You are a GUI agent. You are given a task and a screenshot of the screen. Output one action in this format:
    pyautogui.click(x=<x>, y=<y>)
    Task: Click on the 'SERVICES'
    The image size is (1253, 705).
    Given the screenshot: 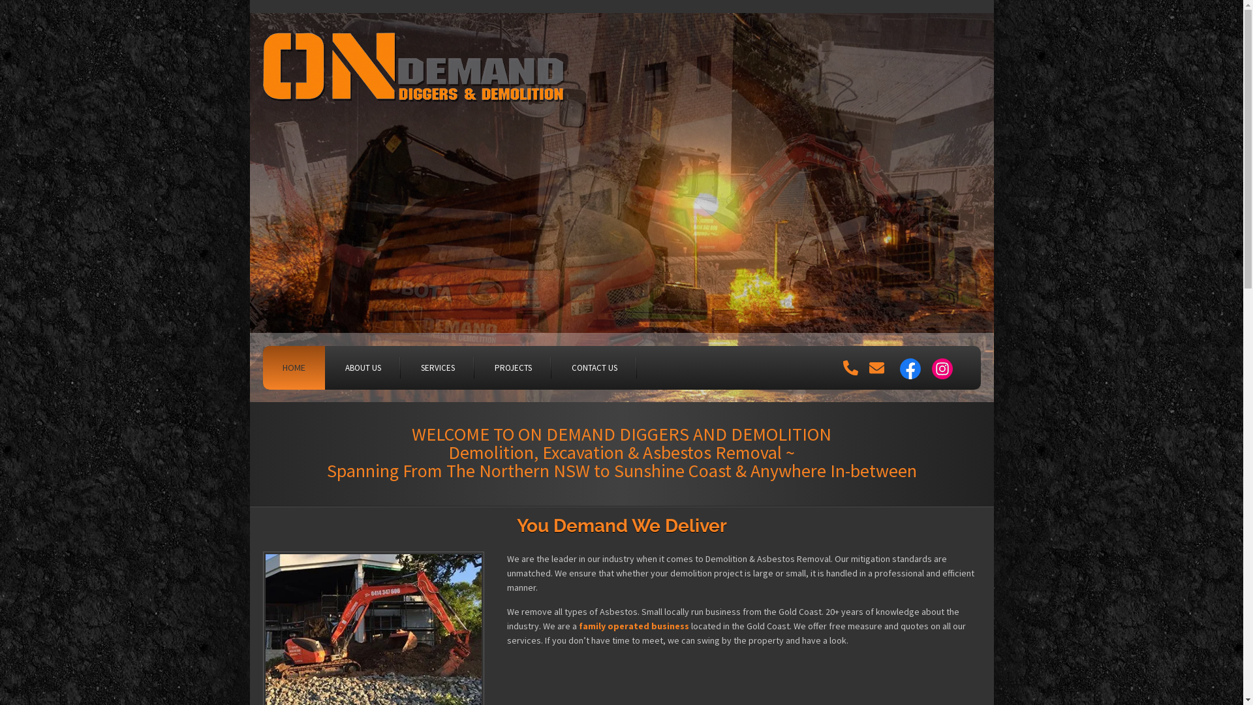 What is the action you would take?
    pyautogui.click(x=437, y=368)
    